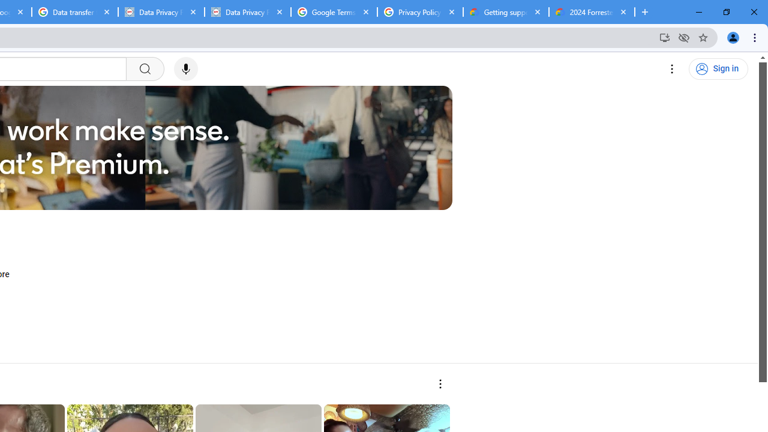  What do you see at coordinates (664, 37) in the screenshot?
I see `'Install YouTube'` at bounding box center [664, 37].